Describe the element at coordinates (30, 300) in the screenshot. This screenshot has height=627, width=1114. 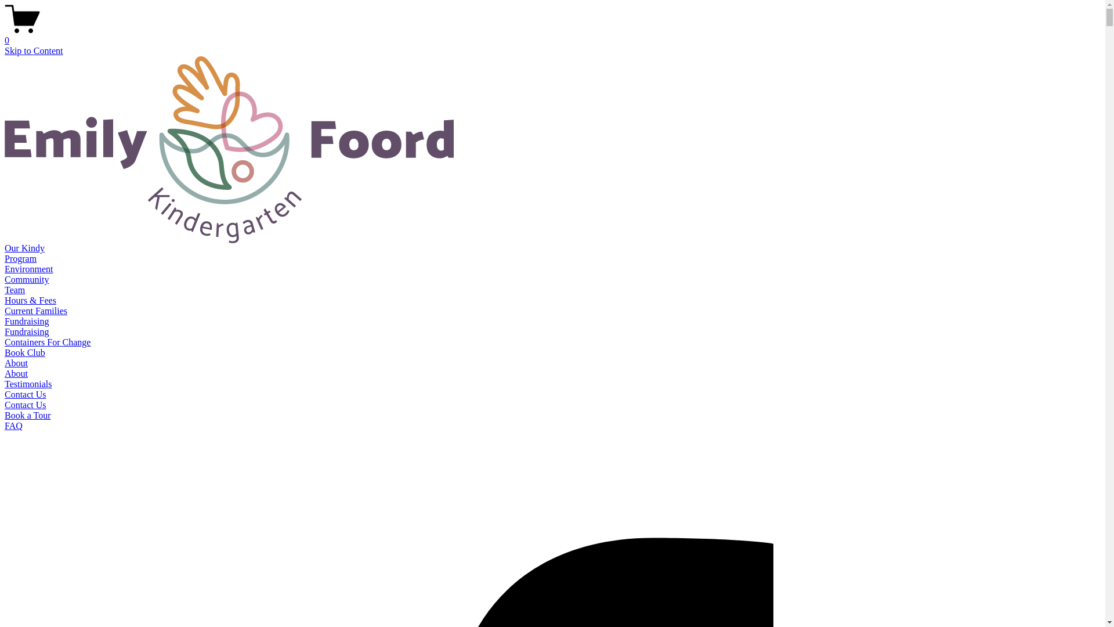
I see `'Hours & Fees'` at that location.